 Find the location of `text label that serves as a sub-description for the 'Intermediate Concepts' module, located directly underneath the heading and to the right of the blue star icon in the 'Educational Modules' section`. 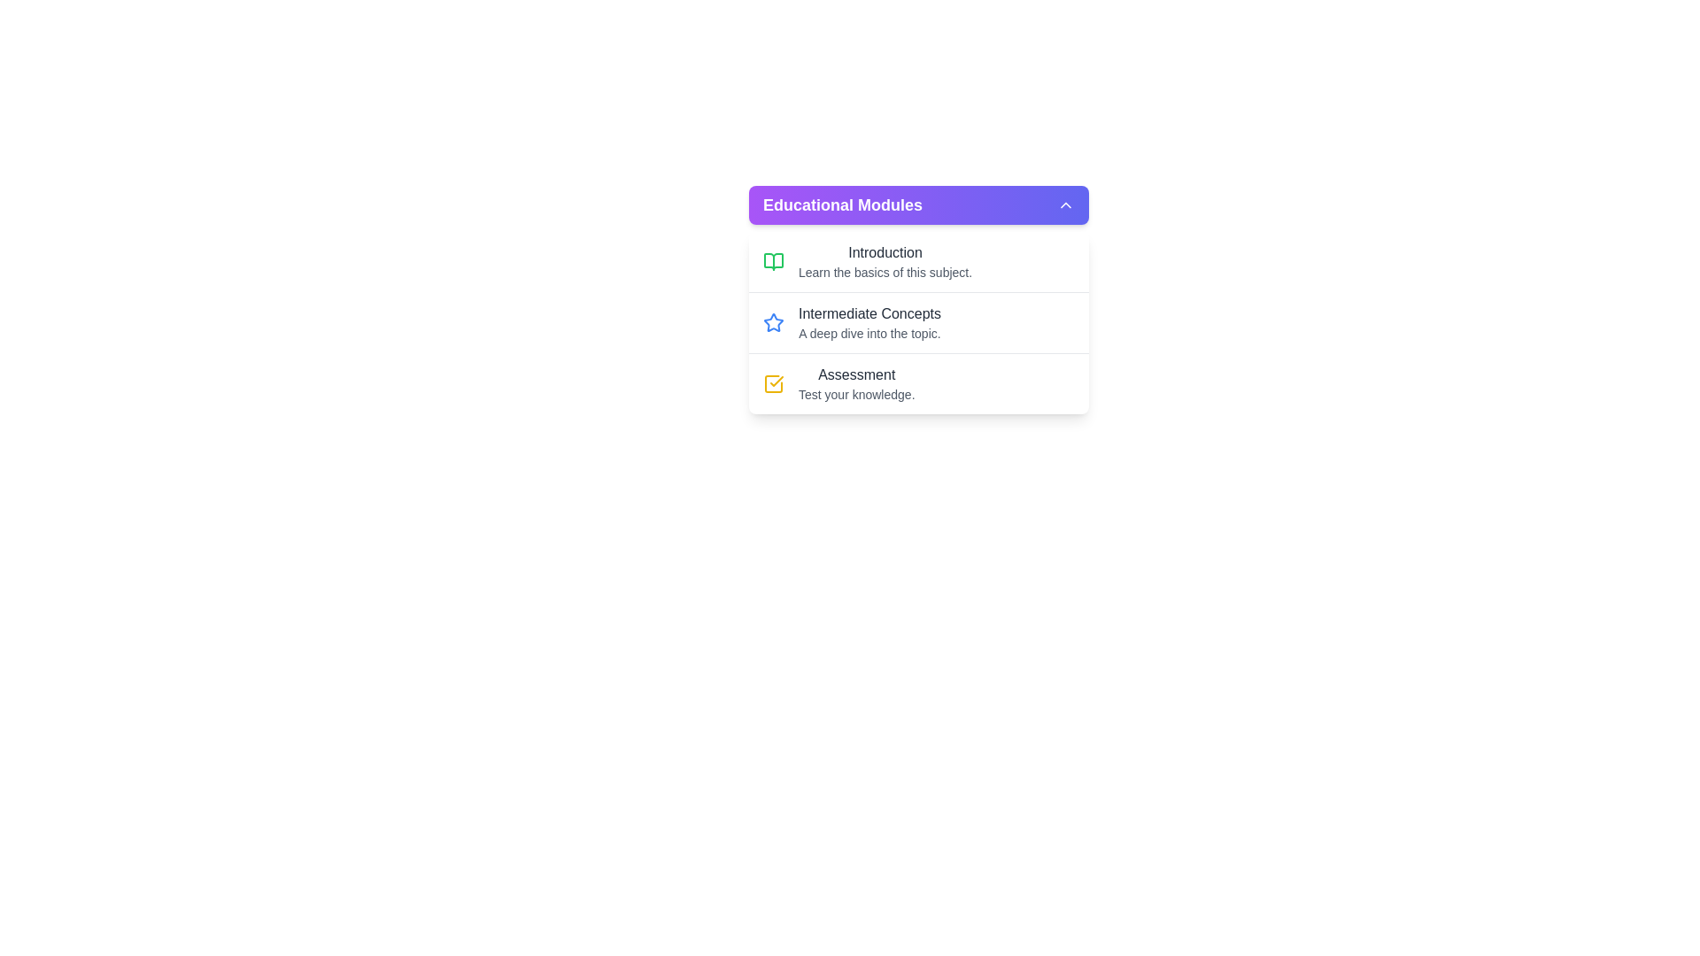

text label that serves as a sub-description for the 'Intermediate Concepts' module, located directly underneath the heading and to the right of the blue star icon in the 'Educational Modules' section is located at coordinates (869, 334).